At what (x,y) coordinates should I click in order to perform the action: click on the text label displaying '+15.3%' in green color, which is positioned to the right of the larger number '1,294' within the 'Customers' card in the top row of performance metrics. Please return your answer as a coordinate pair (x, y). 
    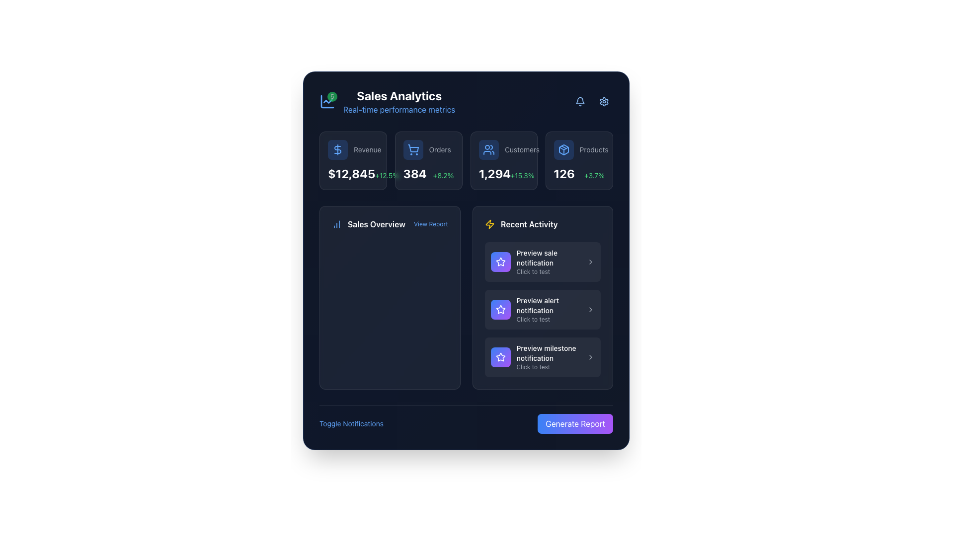
    Looking at the image, I should click on (522, 175).